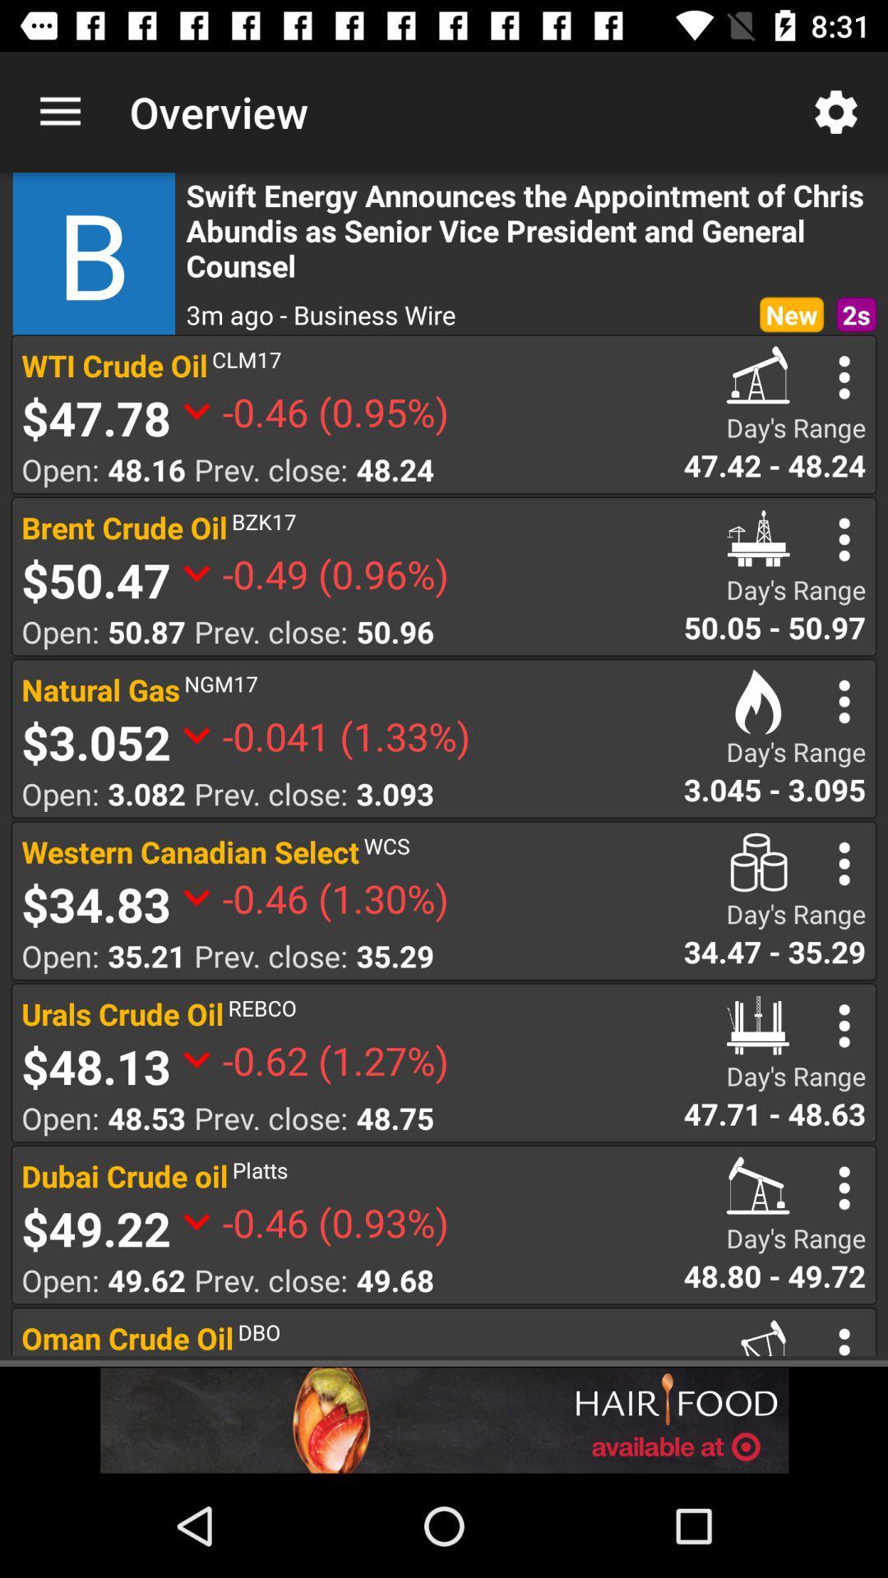 Image resolution: width=888 pixels, height=1578 pixels. I want to click on more information, so click(844, 376).